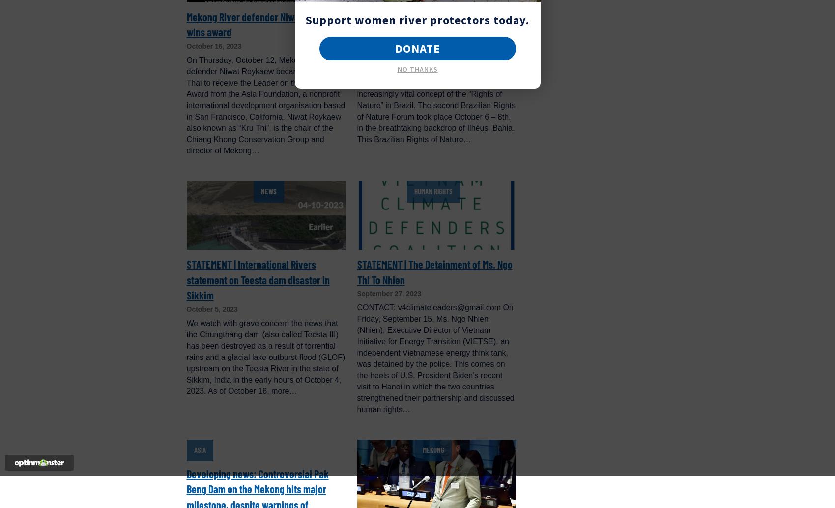  What do you see at coordinates (432, 191) in the screenshot?
I see `'Human Rights'` at bounding box center [432, 191].